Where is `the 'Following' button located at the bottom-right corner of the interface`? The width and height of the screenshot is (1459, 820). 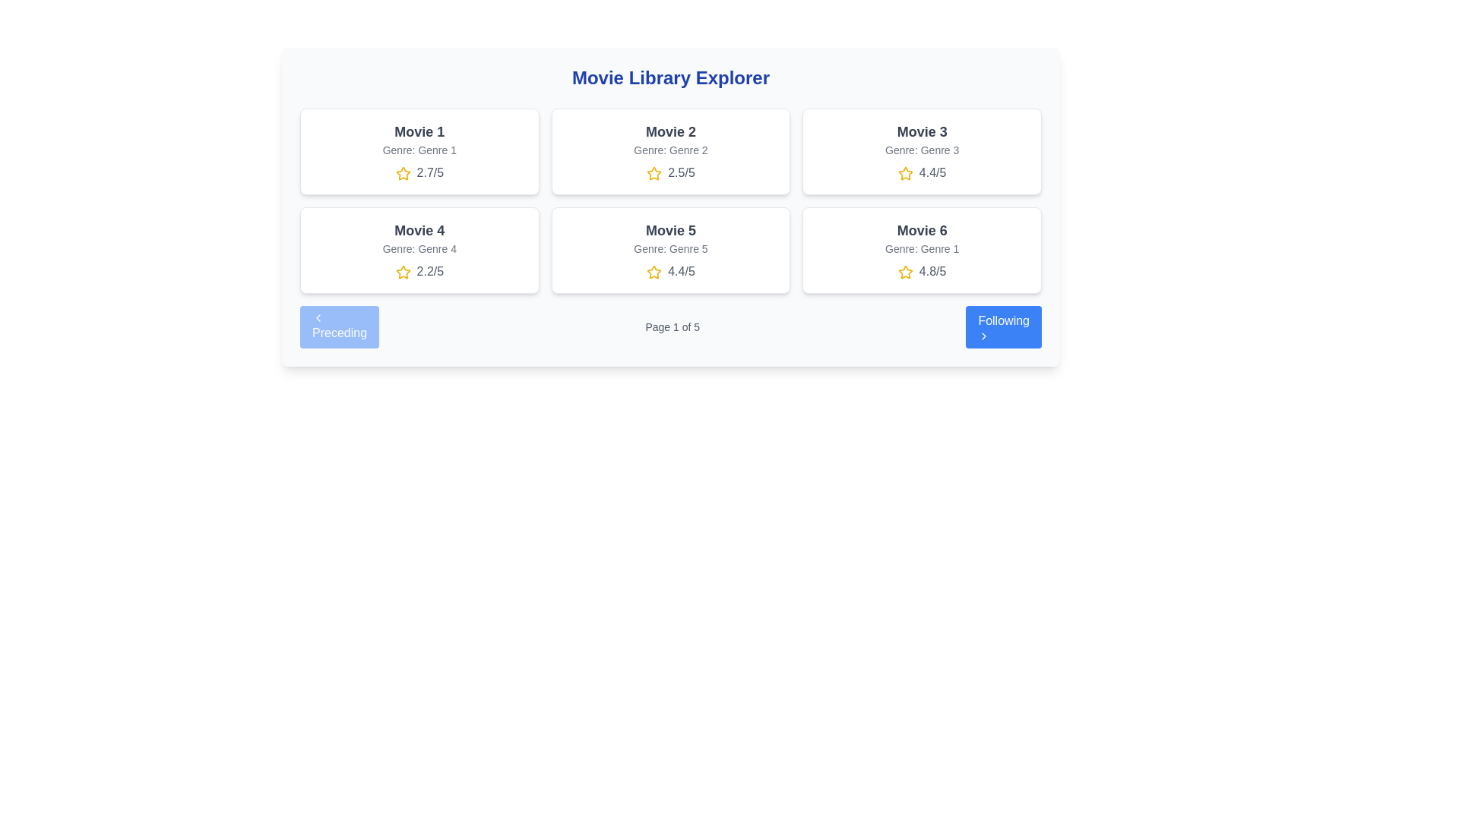
the 'Following' button located at the bottom-right corner of the interface is located at coordinates (1004, 326).